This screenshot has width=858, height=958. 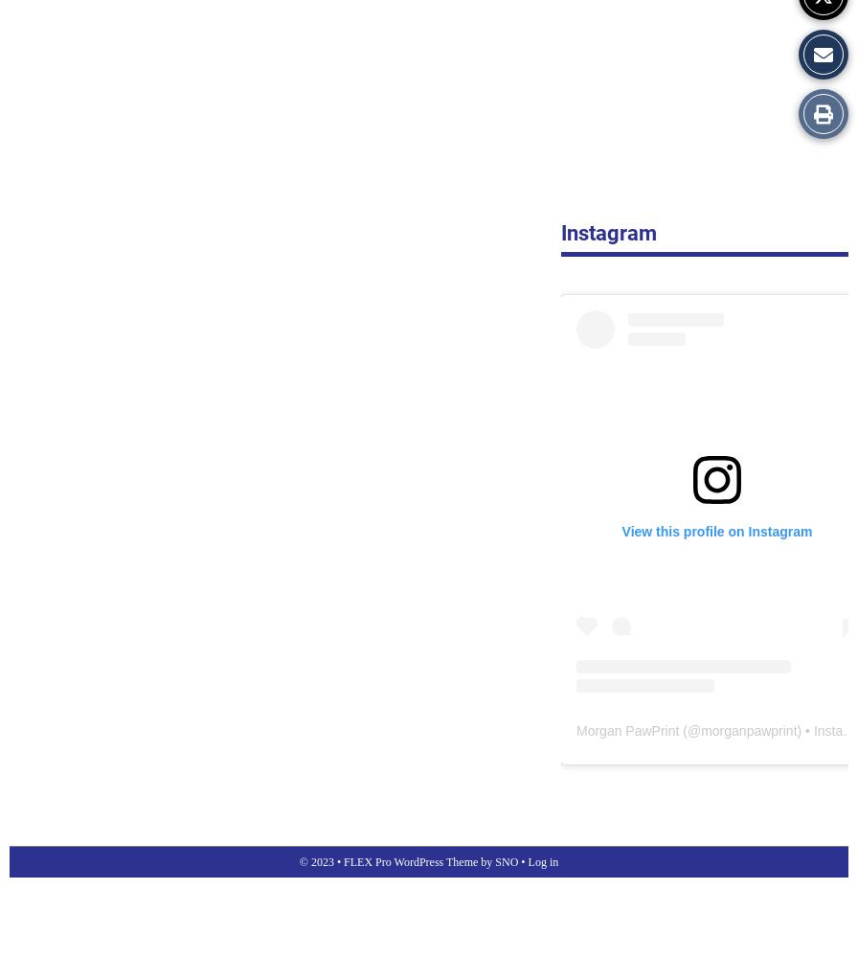 What do you see at coordinates (542, 861) in the screenshot?
I see `'Log in'` at bounding box center [542, 861].